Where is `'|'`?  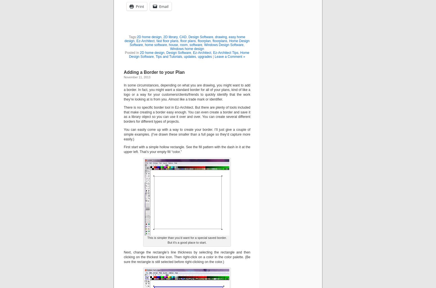
'|' is located at coordinates (213, 56).